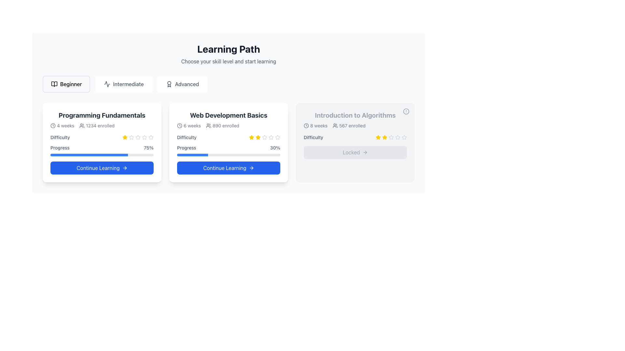 The width and height of the screenshot is (625, 351). Describe the element at coordinates (102, 115) in the screenshot. I see `the text element reading 'Programming Fundamentals', which is styled in bold and large font, located at the upper section of the first card in a horizontal row of cards` at that location.